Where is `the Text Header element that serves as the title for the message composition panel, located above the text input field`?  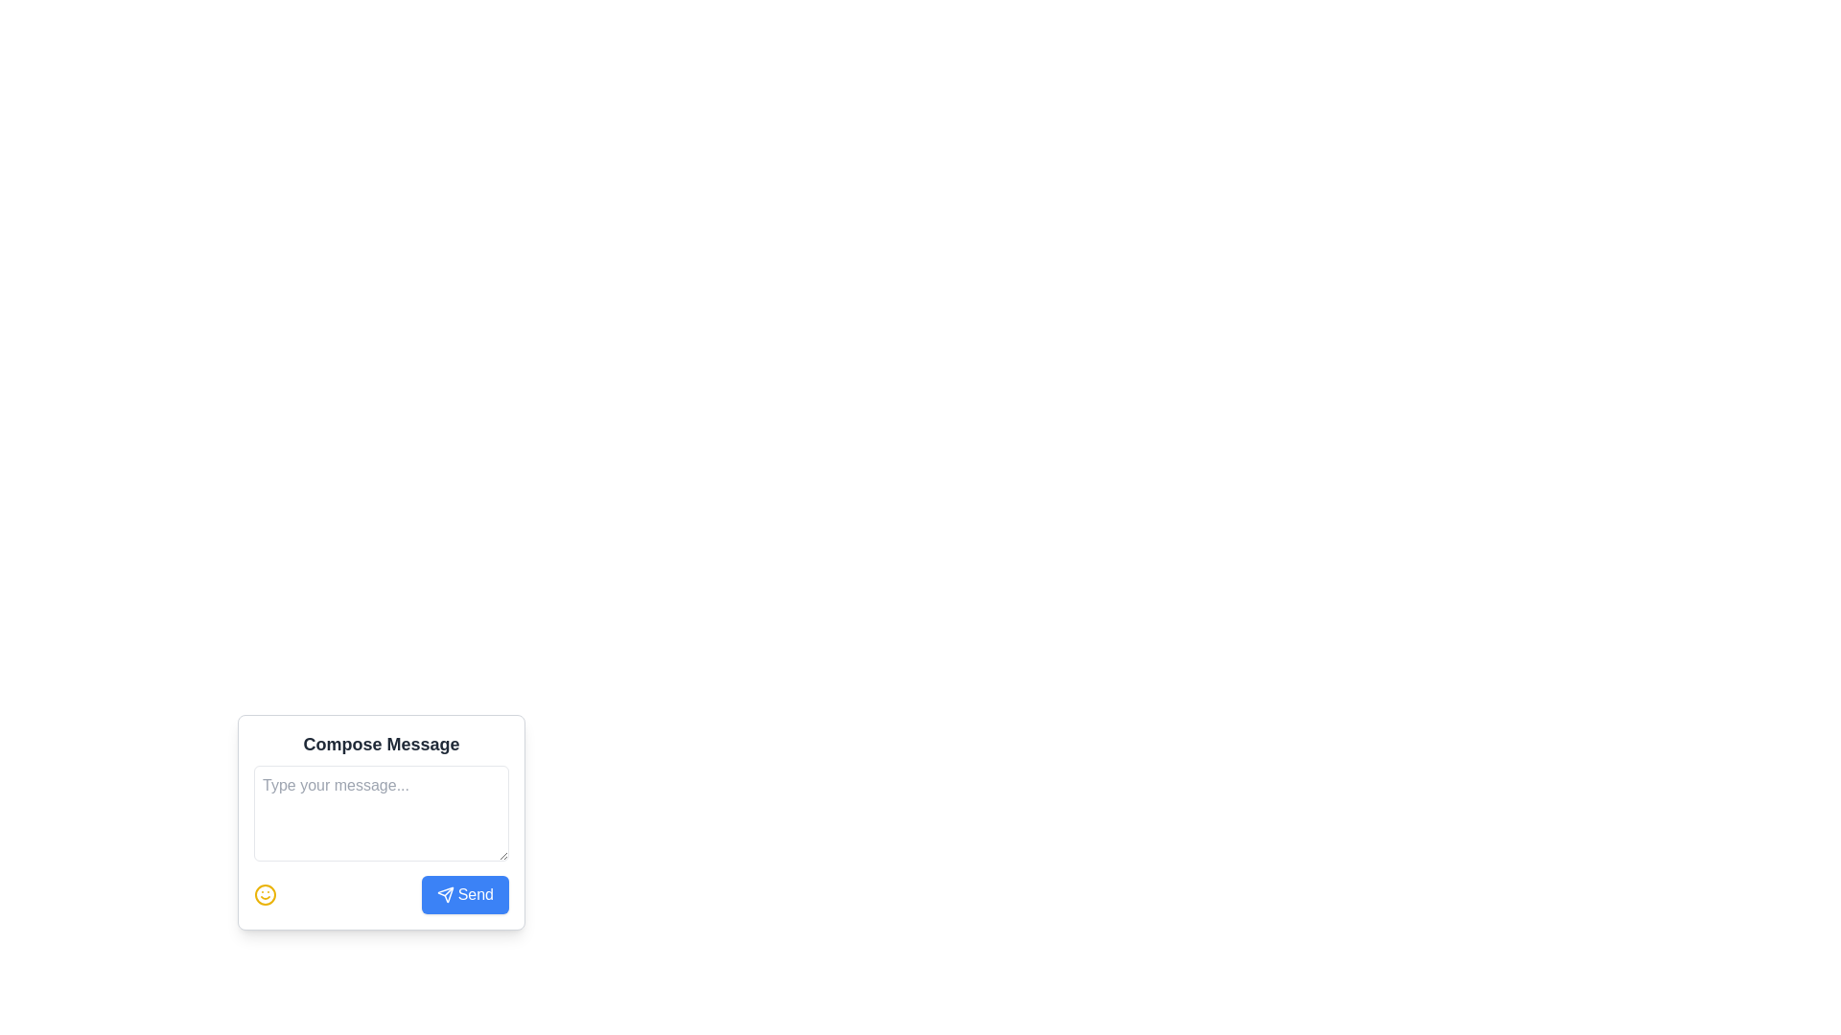 the Text Header element that serves as the title for the message composition panel, located above the text input field is located at coordinates (382, 743).